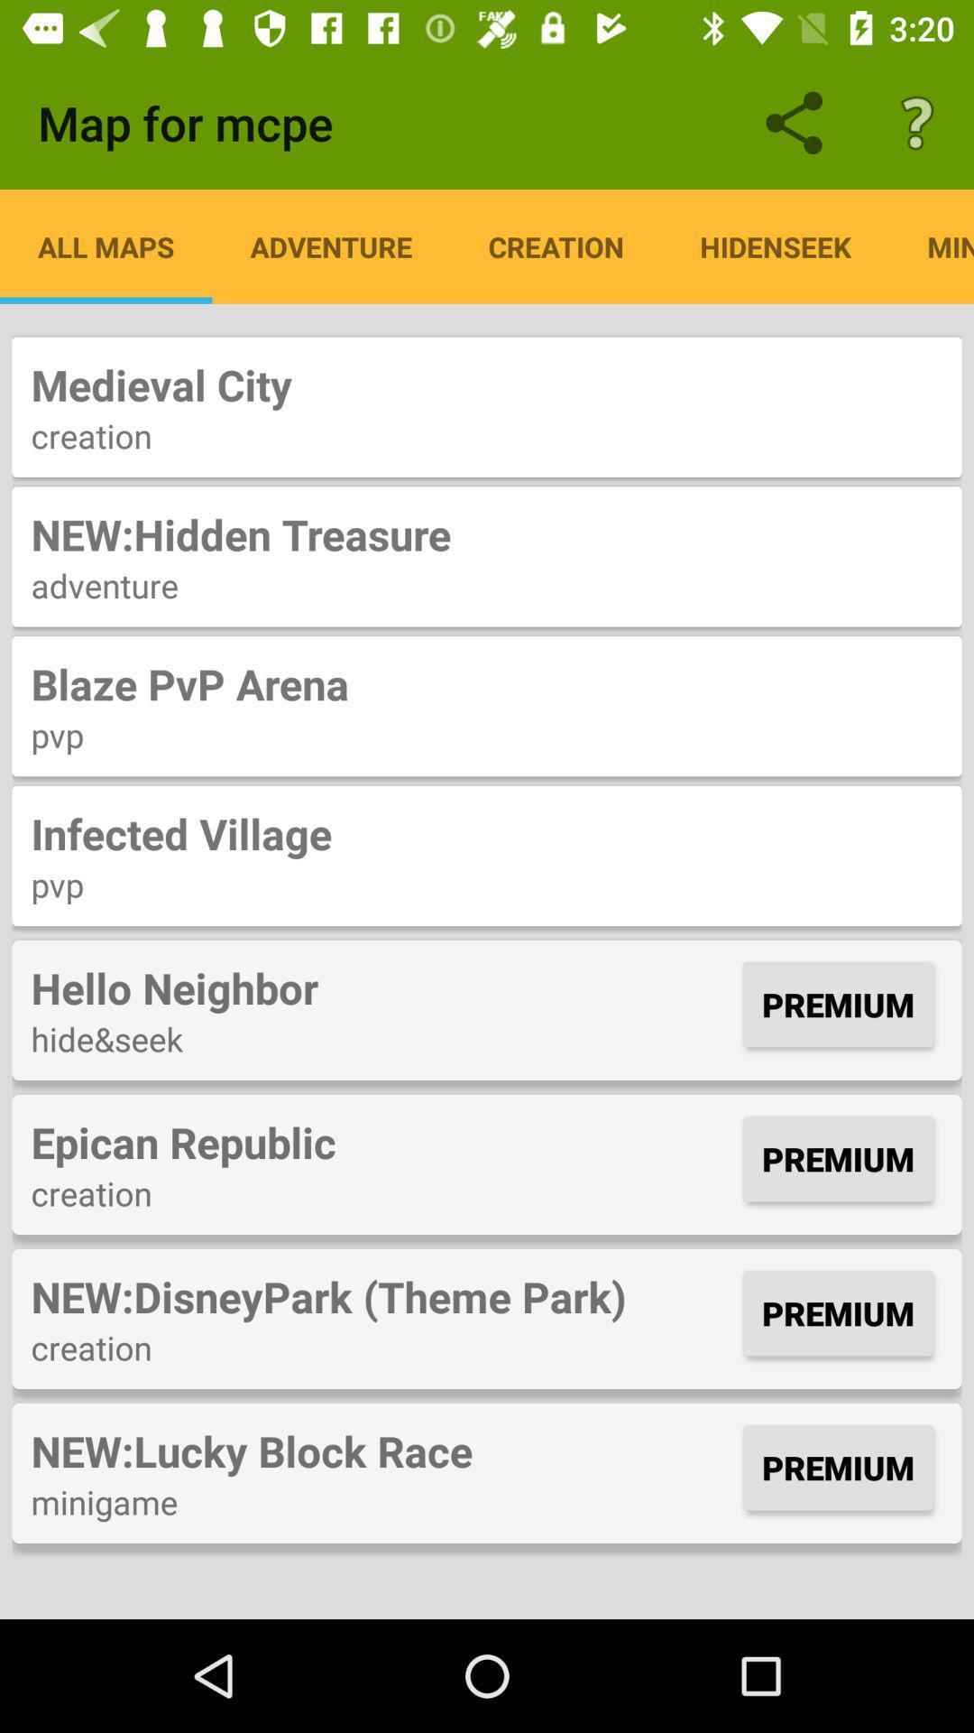 This screenshot has height=1733, width=974. What do you see at coordinates (487, 832) in the screenshot?
I see `icon above the pvp icon` at bounding box center [487, 832].